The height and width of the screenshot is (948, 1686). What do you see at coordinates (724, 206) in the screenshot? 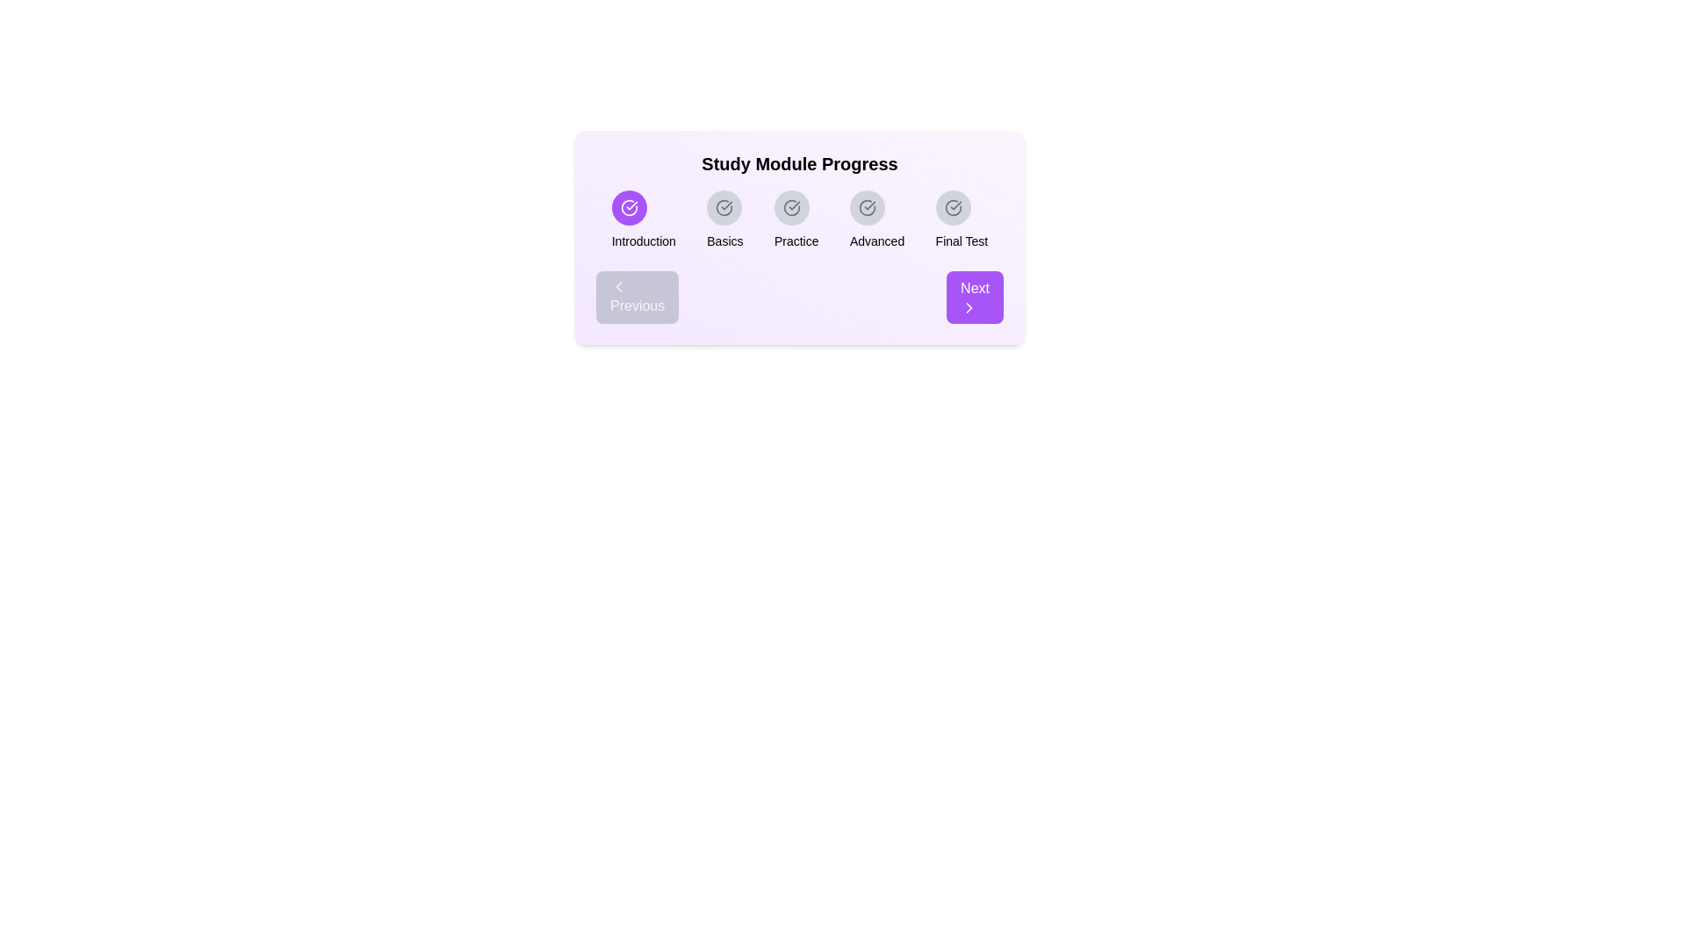
I see `the circular checkmark icon located within the 'Basics' section, which is the second icon from the left in the row of icons labeled 'Introduction,' 'Basics,' 'Practice,' 'Advanced,' and 'Final Test.'` at bounding box center [724, 206].